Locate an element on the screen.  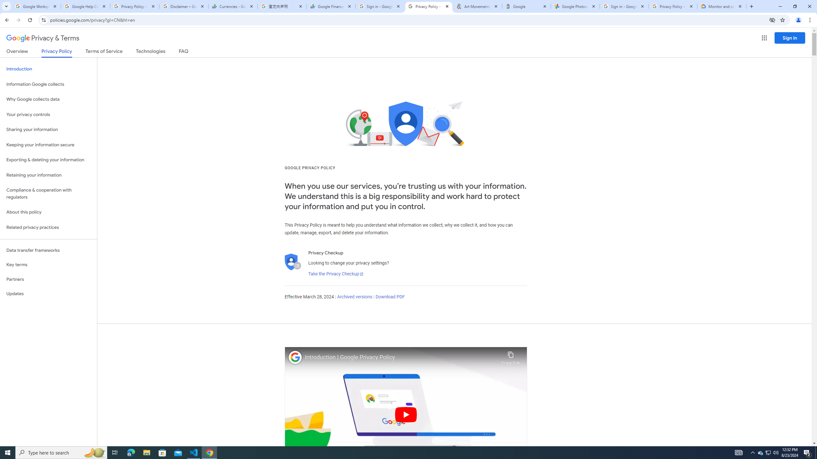
'Your privacy controls' is located at coordinates (48, 115).